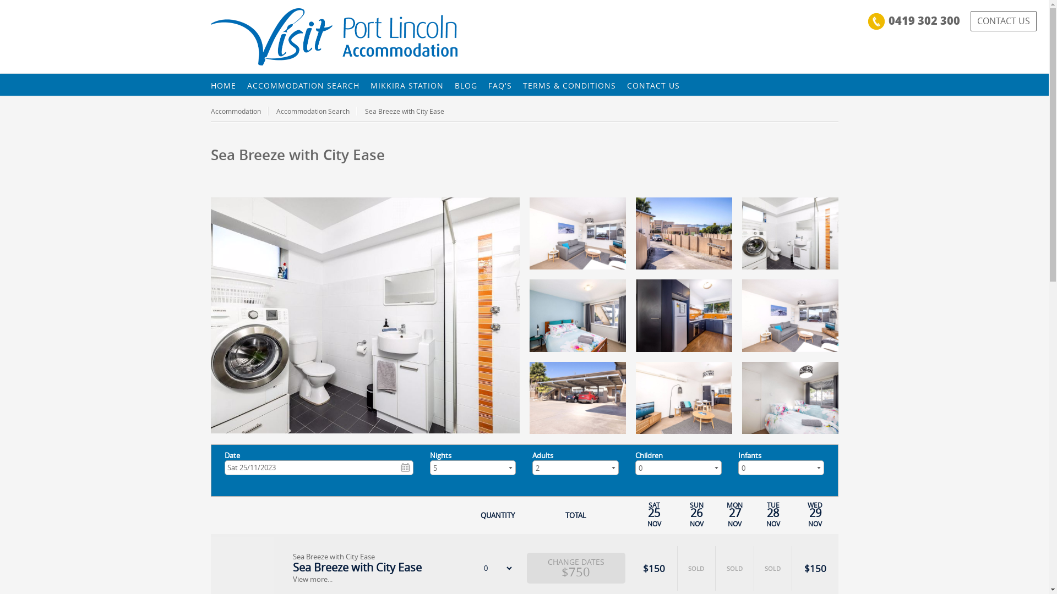  What do you see at coordinates (466, 85) in the screenshot?
I see `'BLOG'` at bounding box center [466, 85].